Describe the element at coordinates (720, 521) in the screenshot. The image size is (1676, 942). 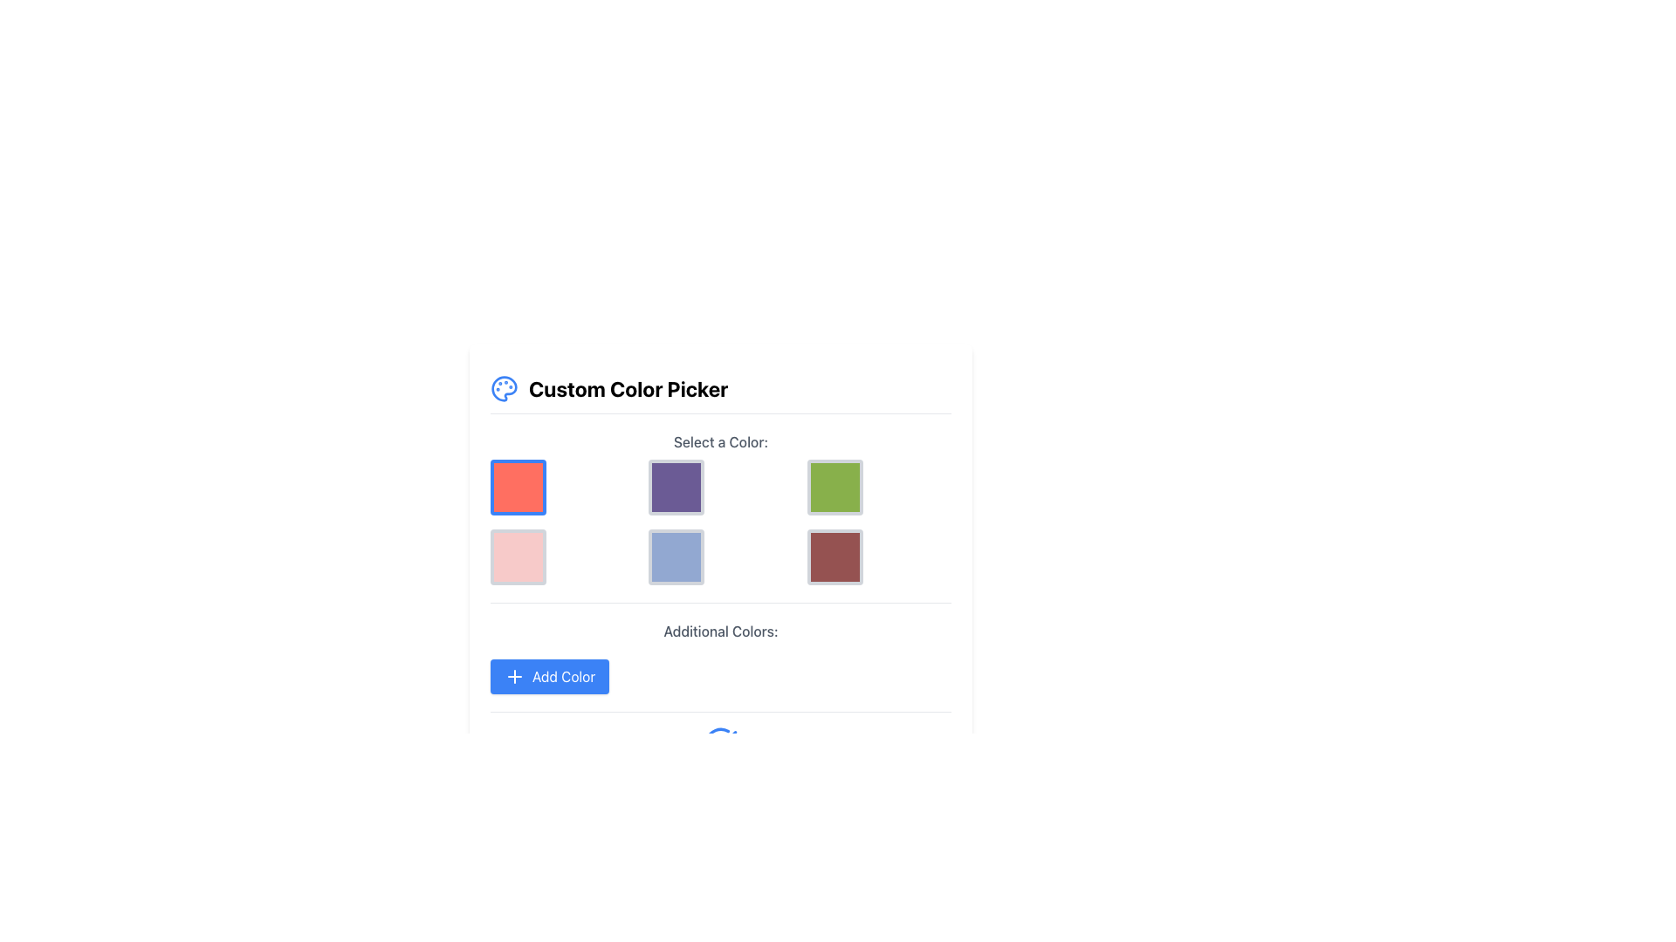
I see `the color selection interface grid element located below the heading 'Select a Color:' for accessibility purposes` at that location.